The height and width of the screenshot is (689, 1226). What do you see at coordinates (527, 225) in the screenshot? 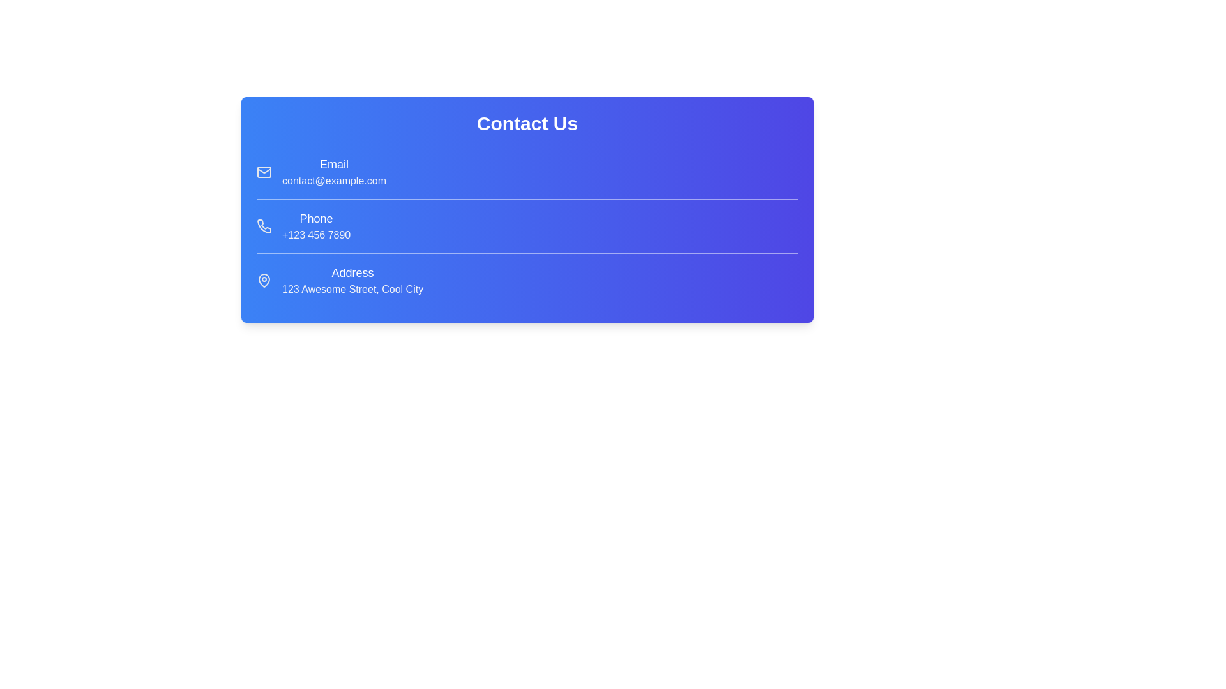
I see `the Display Panel located below the 'Contact Us' title, which serves as a display area for contact information` at bounding box center [527, 225].